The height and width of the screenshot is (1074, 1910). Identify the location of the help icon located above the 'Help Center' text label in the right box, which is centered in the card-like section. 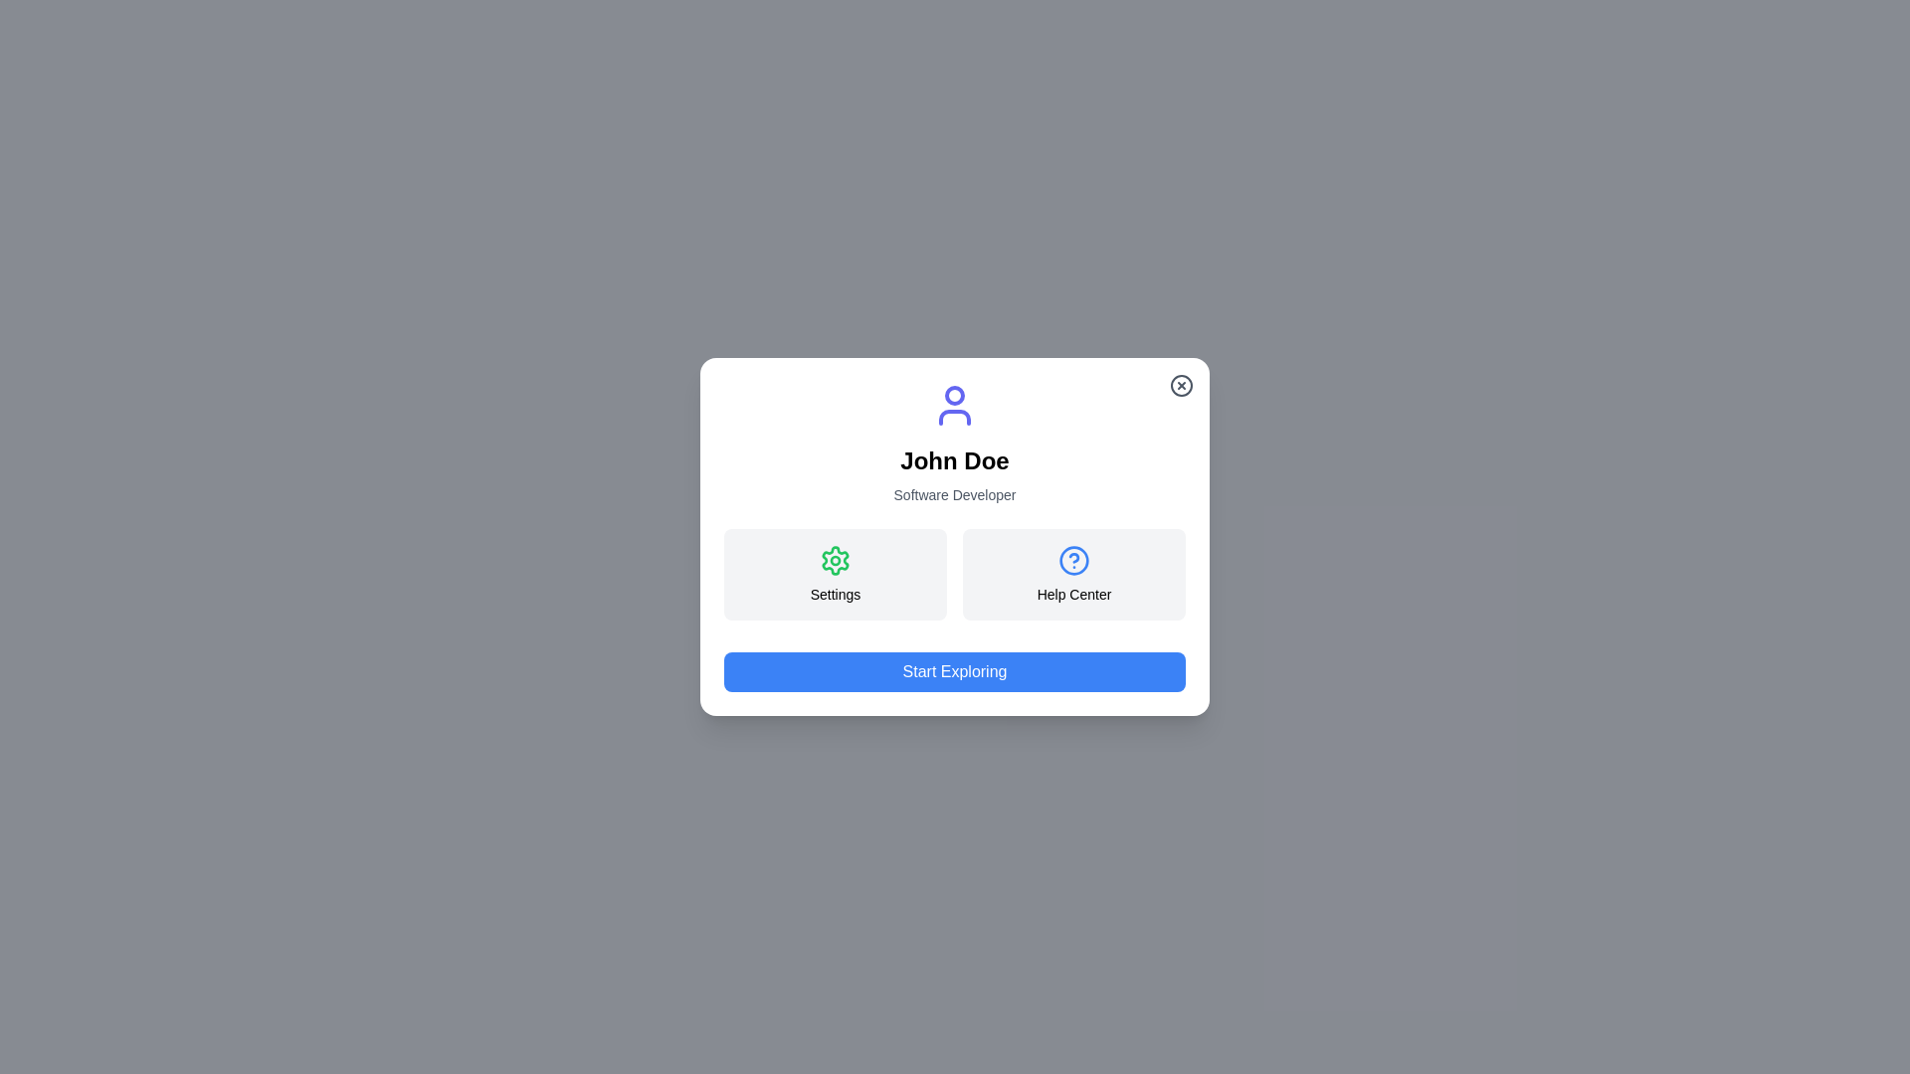
(1073, 560).